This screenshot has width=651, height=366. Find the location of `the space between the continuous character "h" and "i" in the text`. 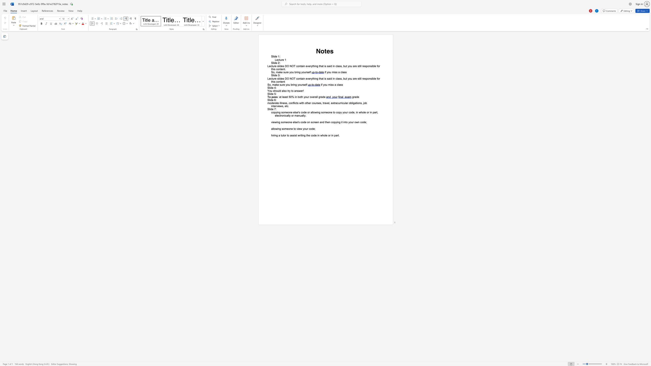

the space between the continuous character "h" and "i" in the text is located at coordinates (272, 135).